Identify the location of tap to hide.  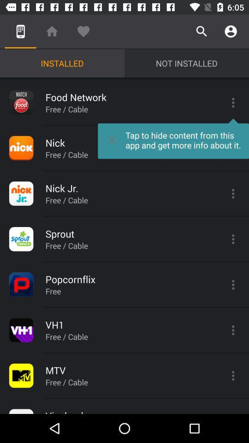
(173, 138).